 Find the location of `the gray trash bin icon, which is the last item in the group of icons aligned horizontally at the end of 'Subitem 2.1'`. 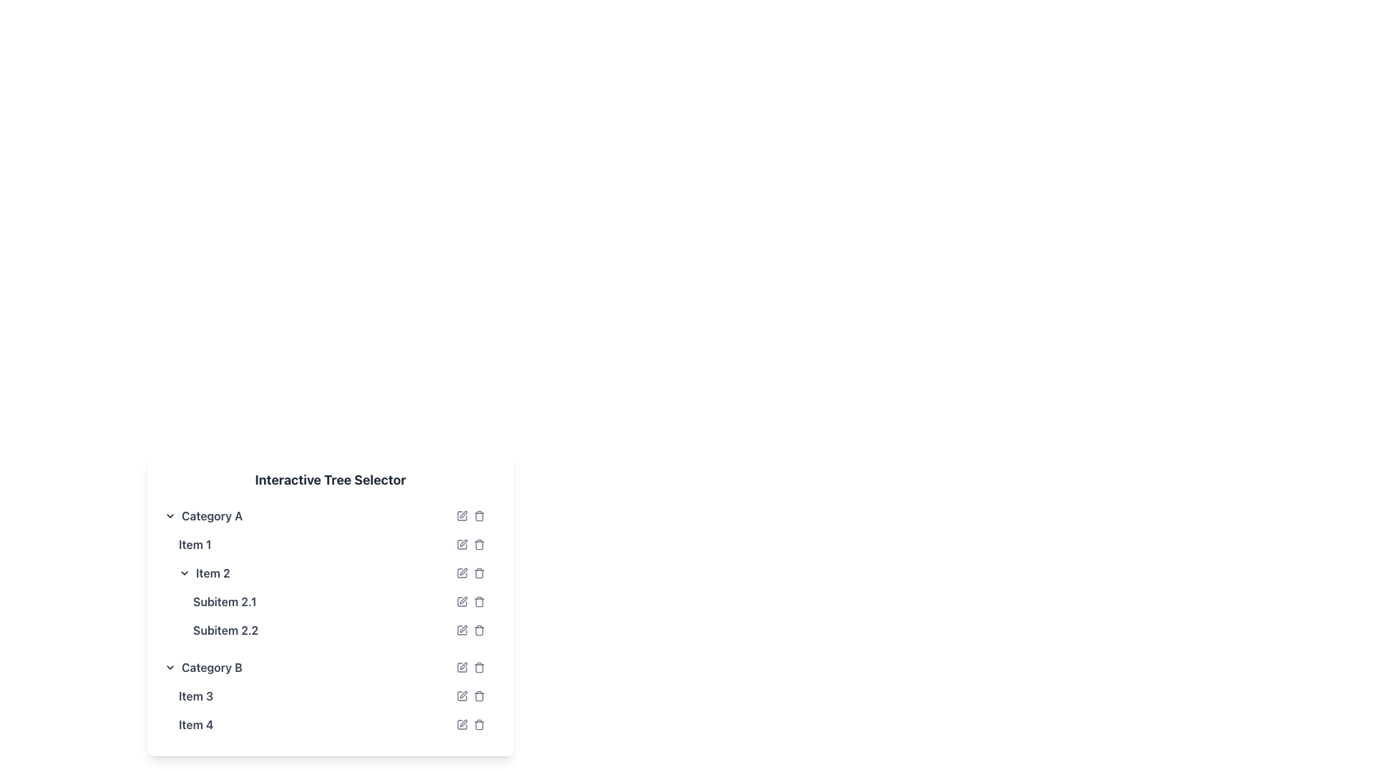

the gray trash bin icon, which is the last item in the group of icons aligned horizontally at the end of 'Subitem 2.1' is located at coordinates (479, 601).